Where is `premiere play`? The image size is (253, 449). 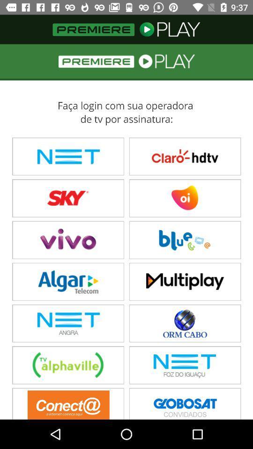 premiere play is located at coordinates (126, 231).